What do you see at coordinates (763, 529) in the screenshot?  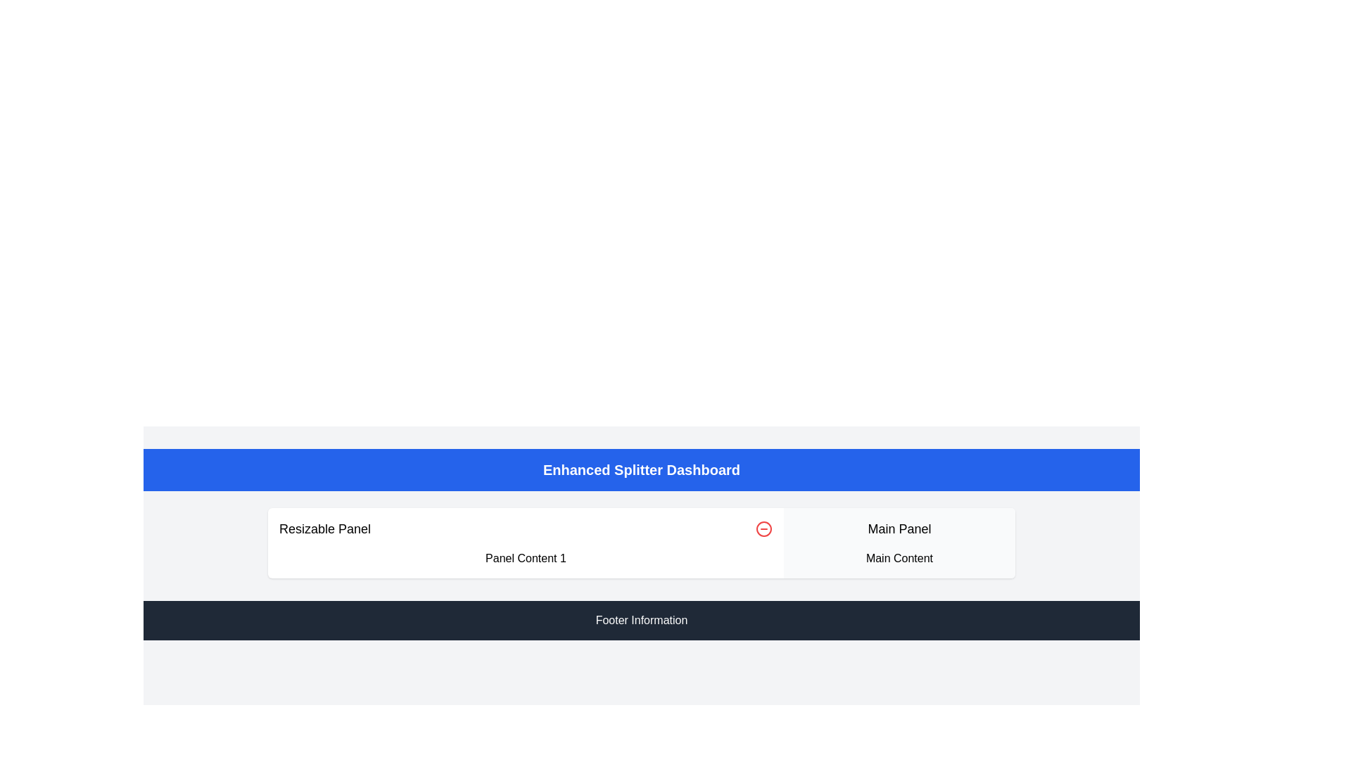 I see `the SVG graphic element (circle) representing a 'remove' action, located in the right half of the panel next to 'Panel Content 1'` at bounding box center [763, 529].